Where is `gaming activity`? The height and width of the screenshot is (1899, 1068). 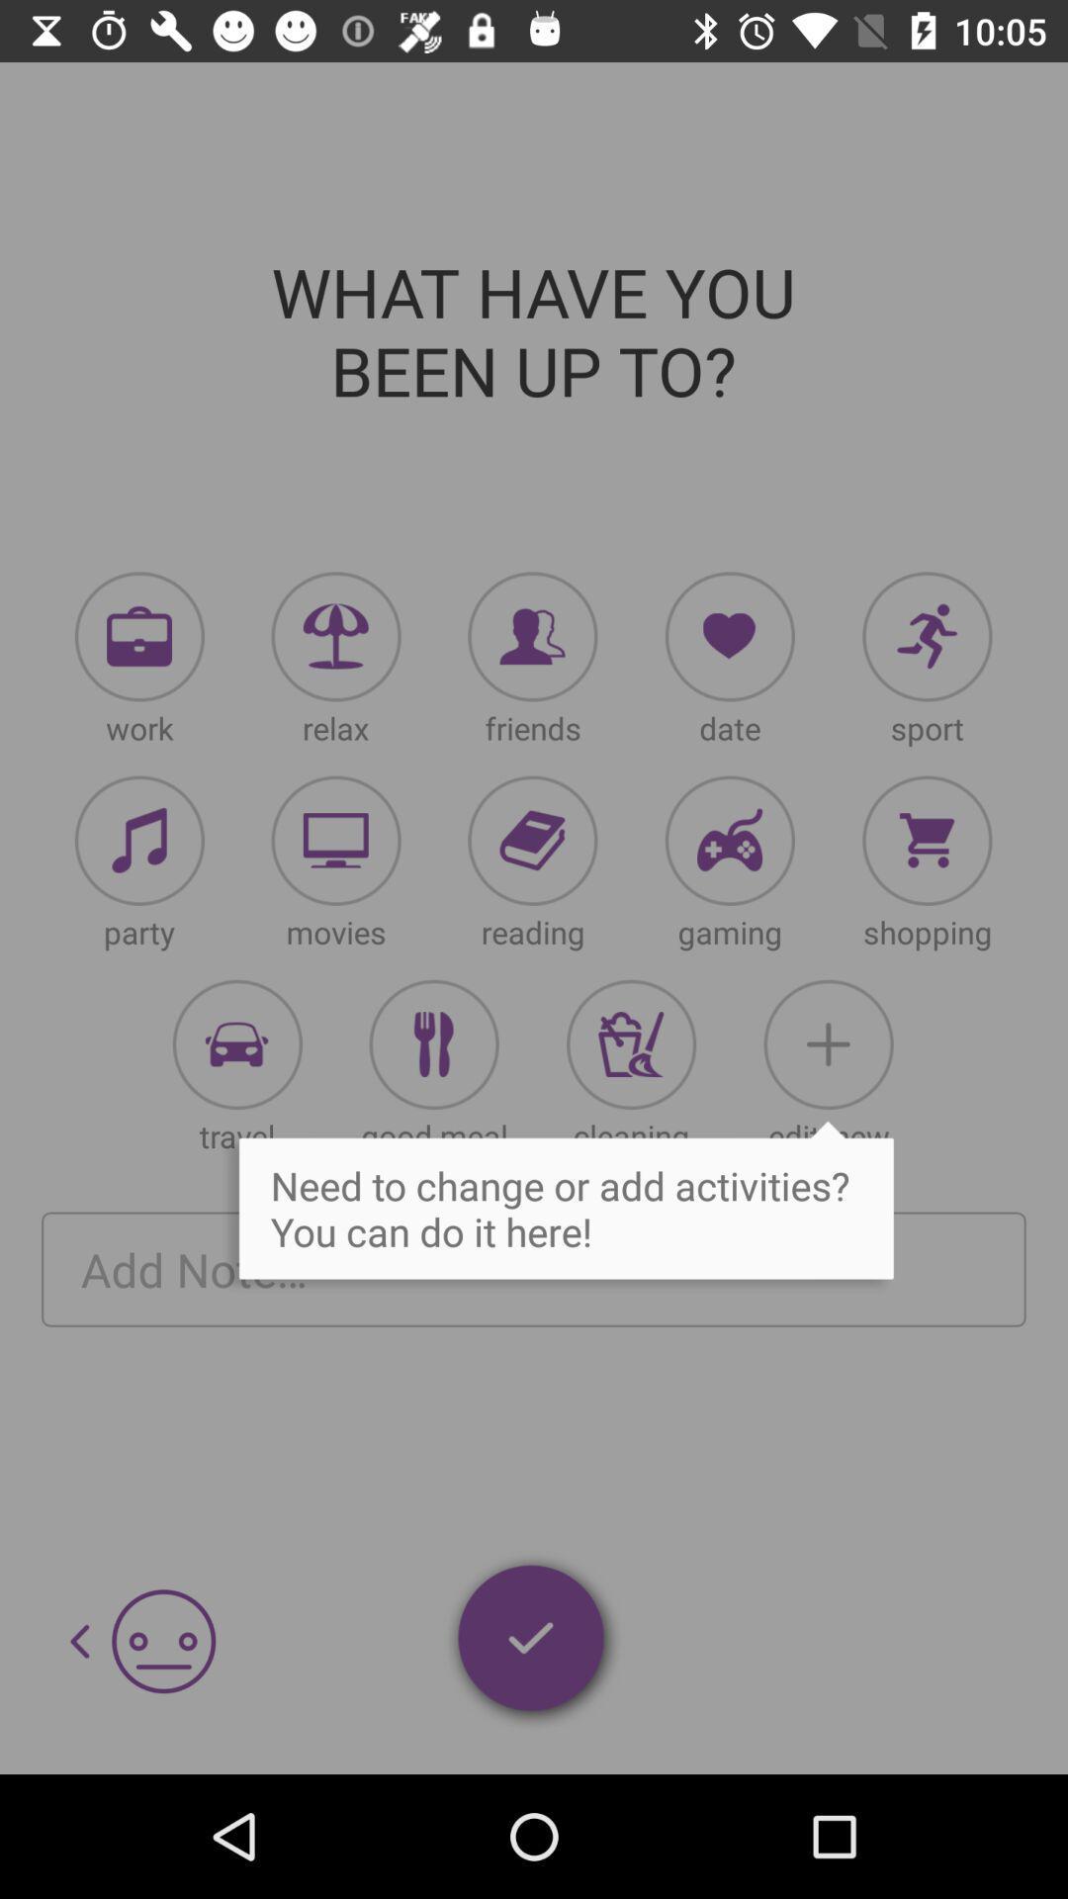
gaming activity is located at coordinates (730, 841).